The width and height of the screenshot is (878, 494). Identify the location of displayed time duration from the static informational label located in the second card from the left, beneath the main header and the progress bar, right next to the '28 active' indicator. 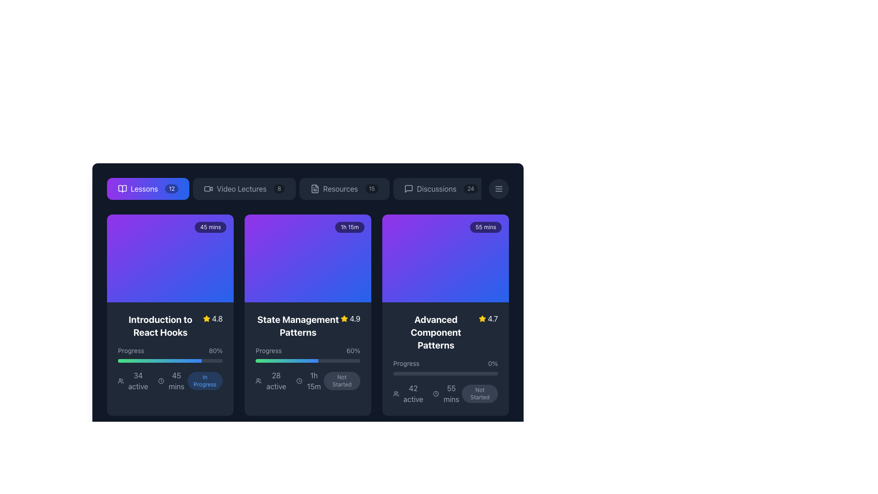
(310, 381).